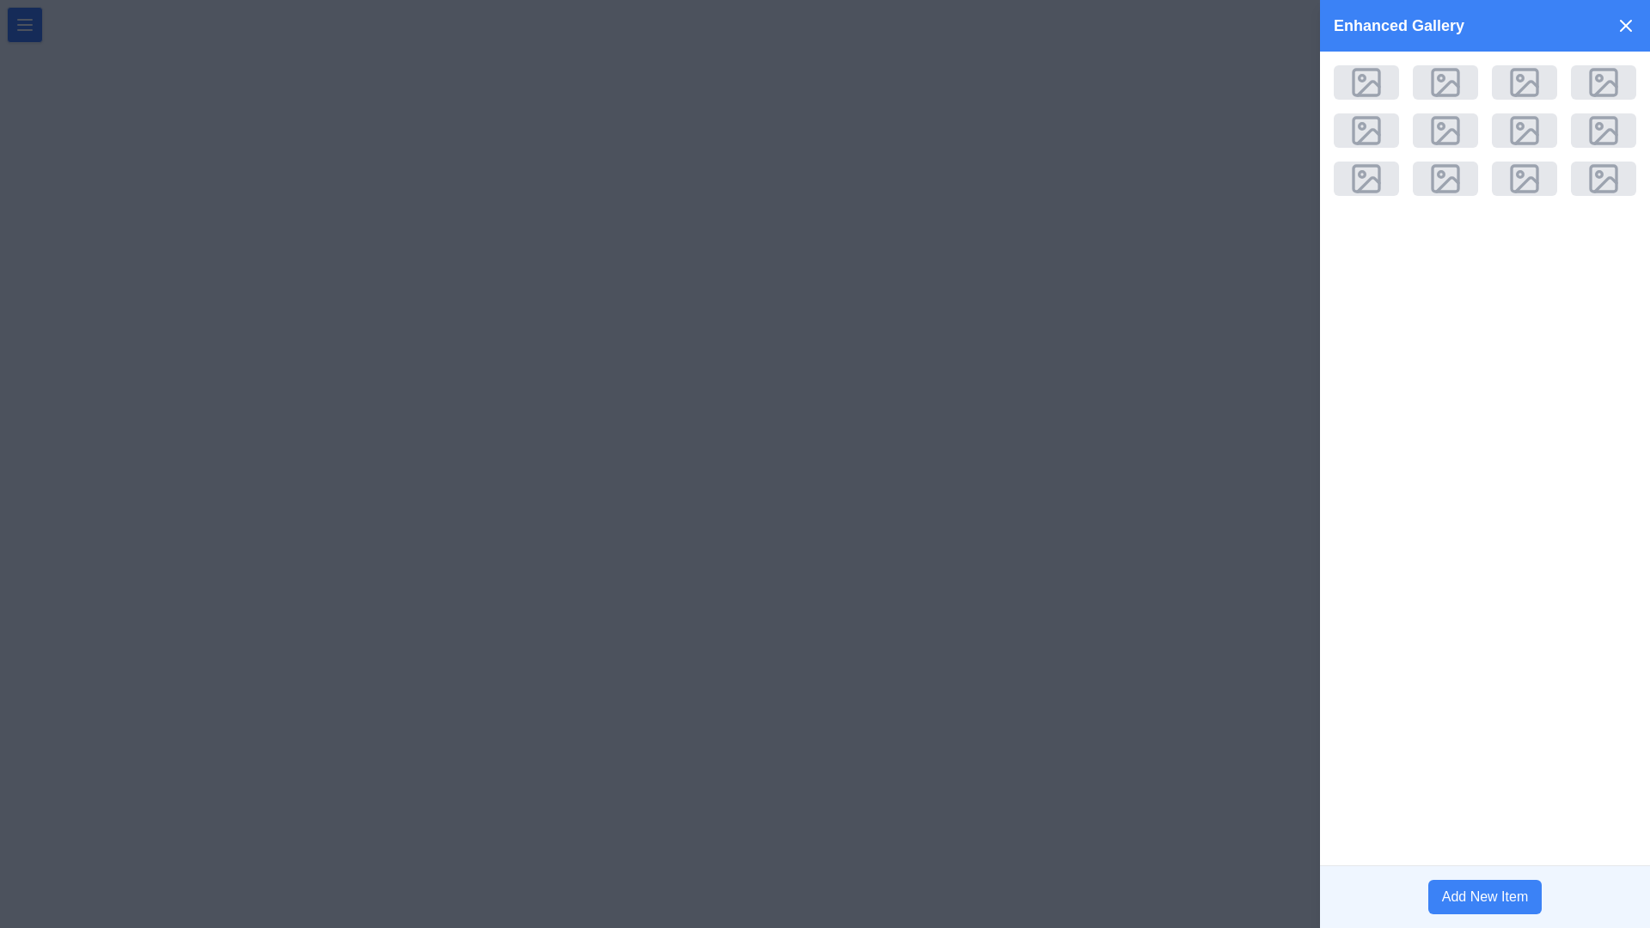  Describe the element at coordinates (1525, 129) in the screenshot. I see `the rounded rectangle graphic inside the fifth icon of the second row in the 'Enhanced Gallery' section located at the top-right corner of the interface` at that location.